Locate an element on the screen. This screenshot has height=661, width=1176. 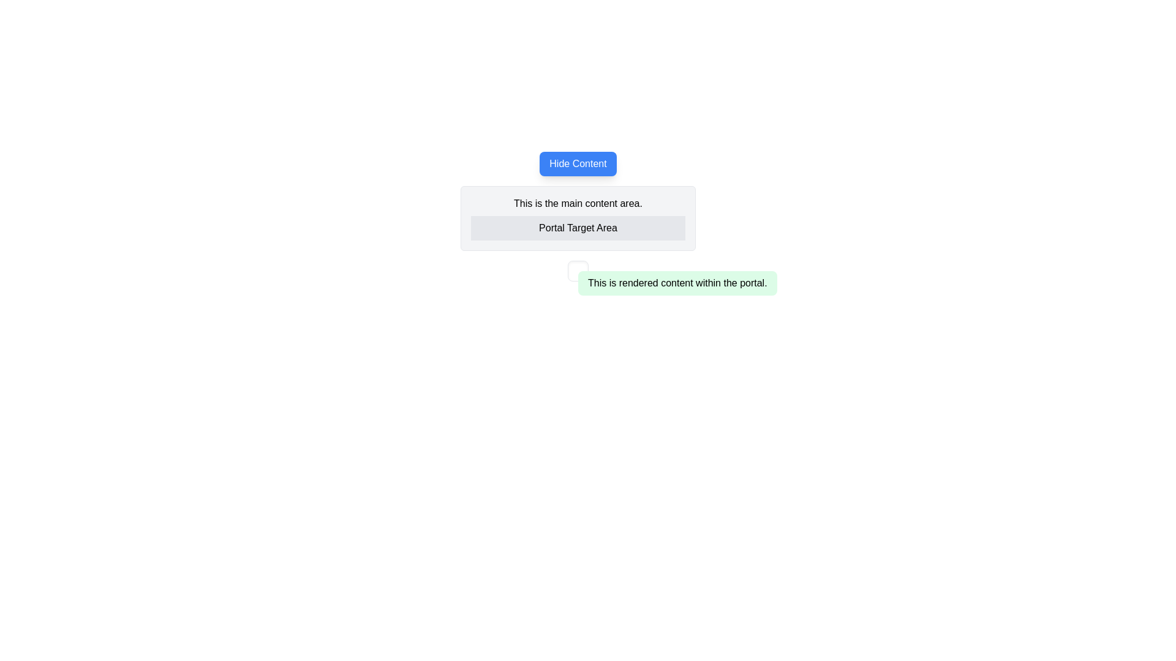
the static text block that displays non-interactive rendered text content, located slightly below the central content area of the layout is located at coordinates (677, 283).